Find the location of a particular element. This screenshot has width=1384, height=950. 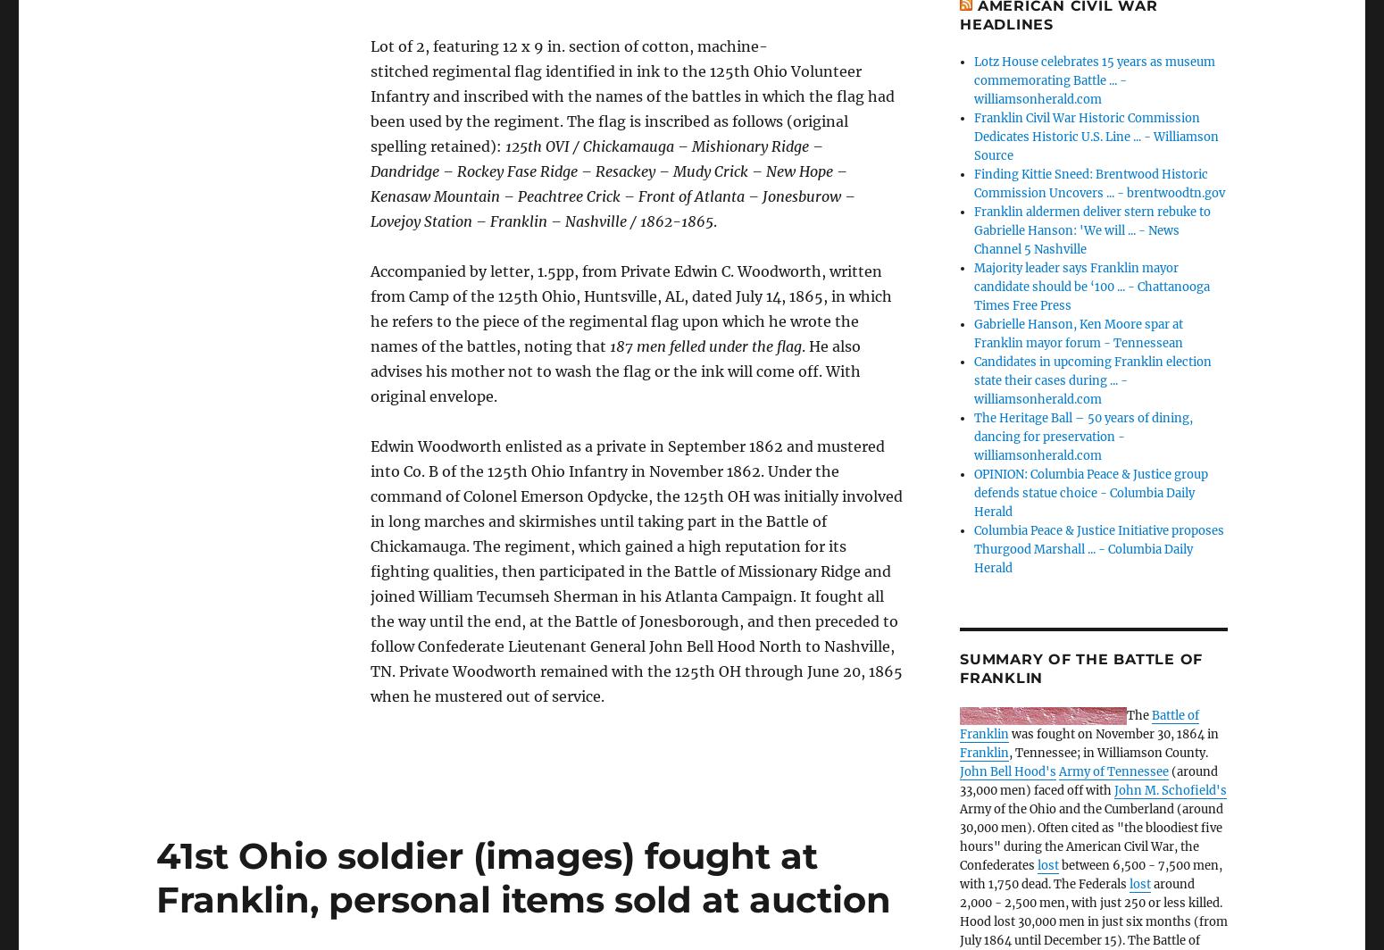

'Gabrielle Hanson, Ken Moore spar at Franklin mayor forum - Tennessean' is located at coordinates (1079, 333).